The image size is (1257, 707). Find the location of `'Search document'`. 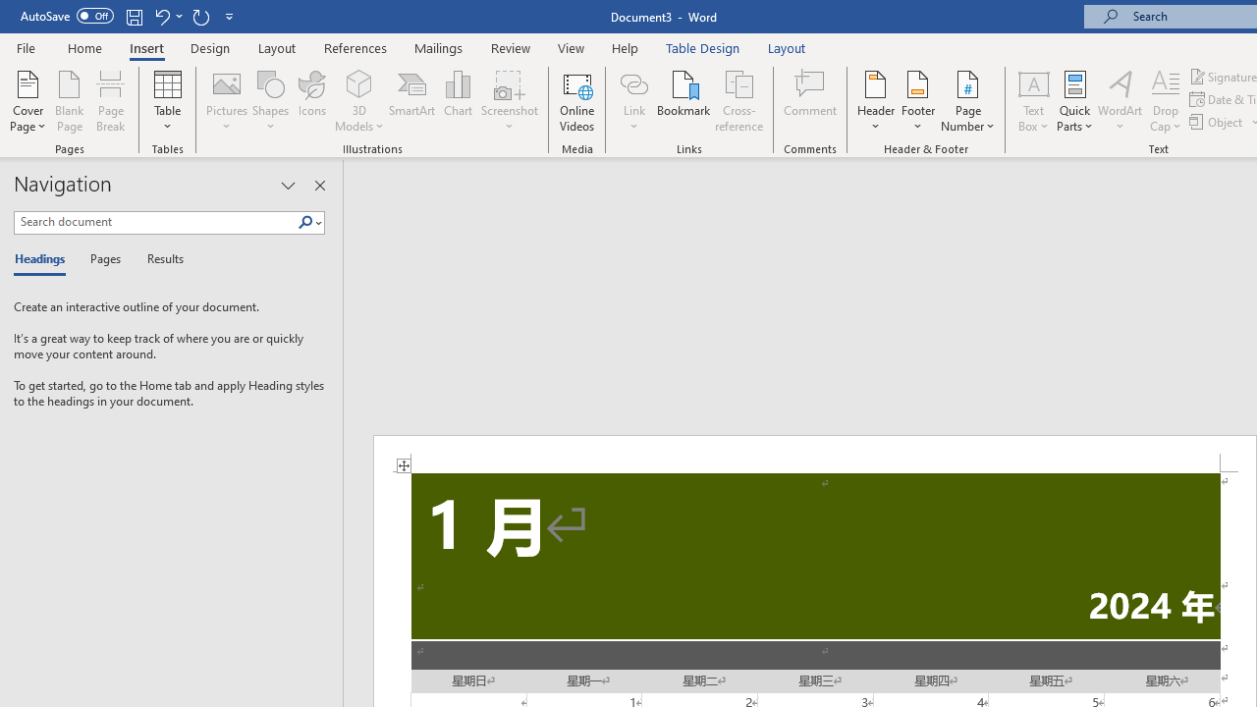

'Search document' is located at coordinates (154, 221).